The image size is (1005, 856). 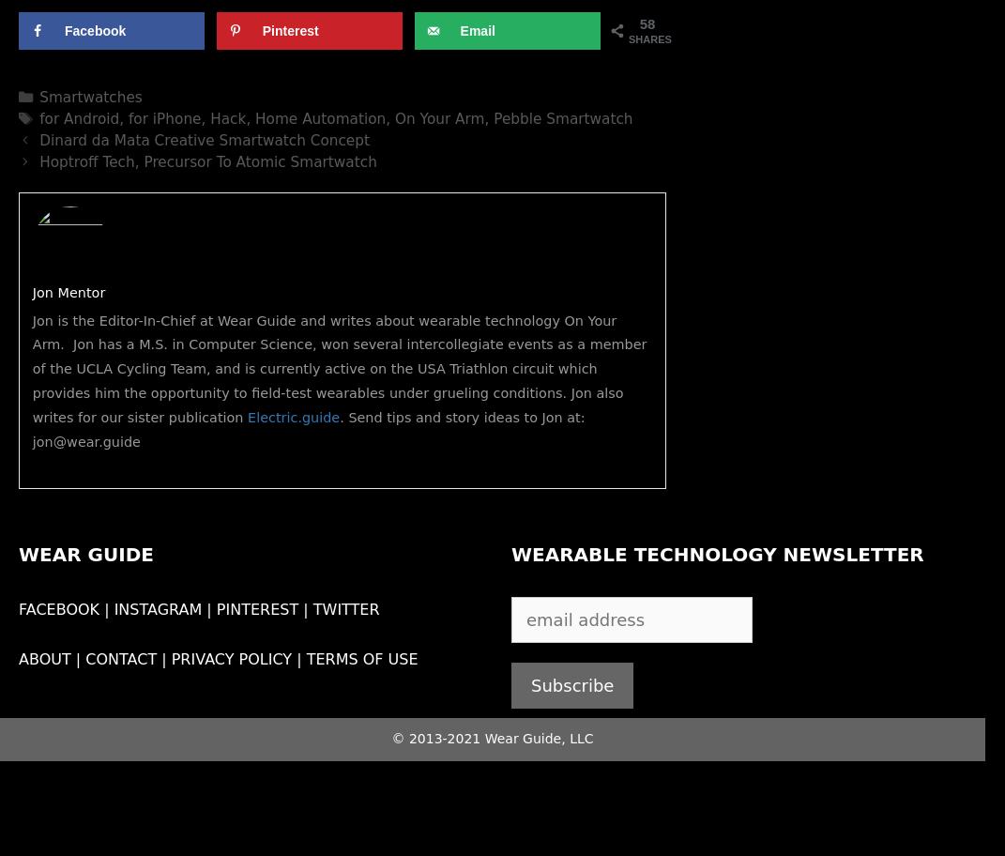 What do you see at coordinates (68, 292) in the screenshot?
I see `'Jon Mentor'` at bounding box center [68, 292].